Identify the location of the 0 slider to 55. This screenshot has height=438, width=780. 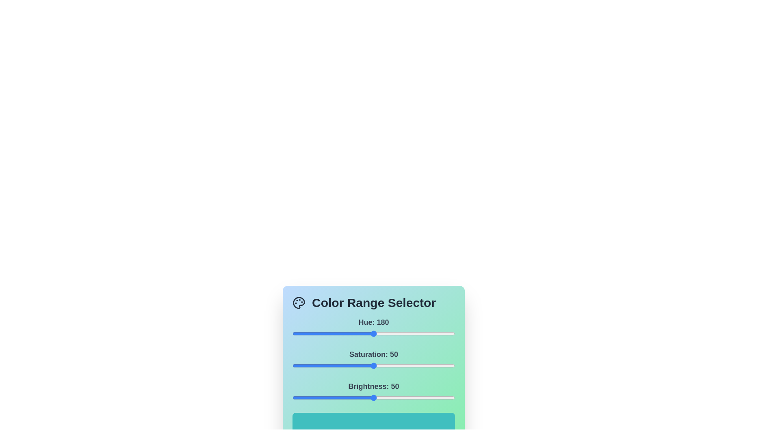
(317, 333).